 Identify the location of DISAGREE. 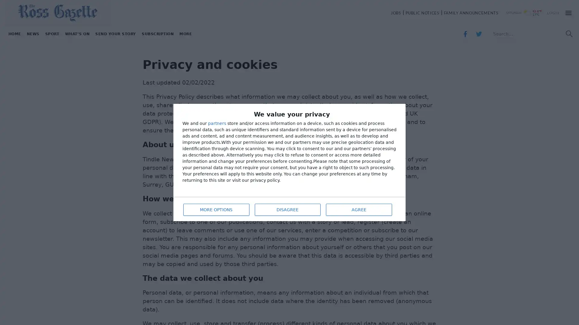
(286, 209).